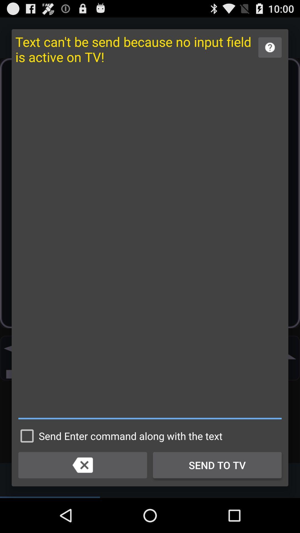 Image resolution: width=300 pixels, height=533 pixels. What do you see at coordinates (270, 47) in the screenshot?
I see `icon to the right of the text can t` at bounding box center [270, 47].